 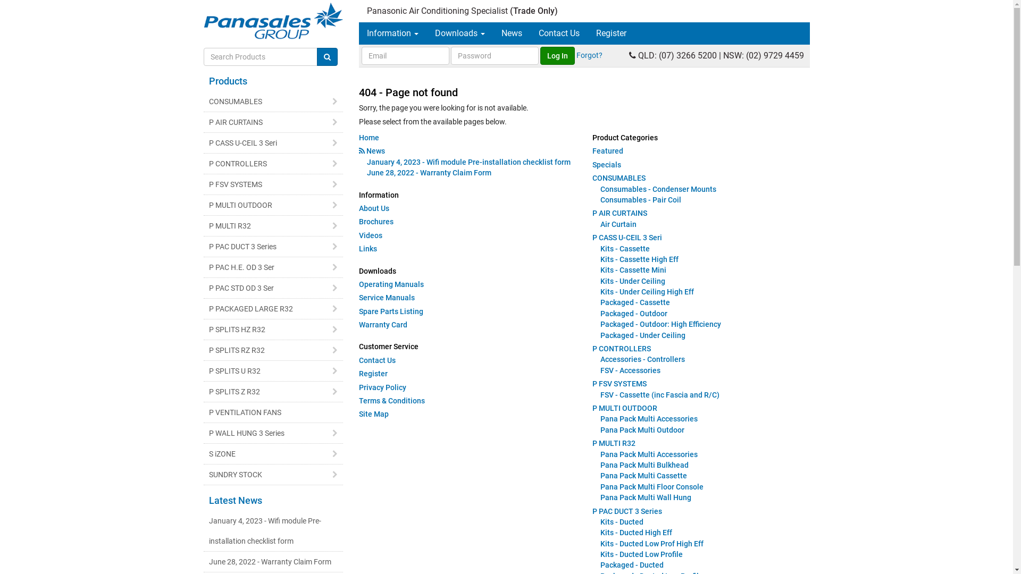 What do you see at coordinates (600, 199) in the screenshot?
I see `'Consumables - Pair Coil'` at bounding box center [600, 199].